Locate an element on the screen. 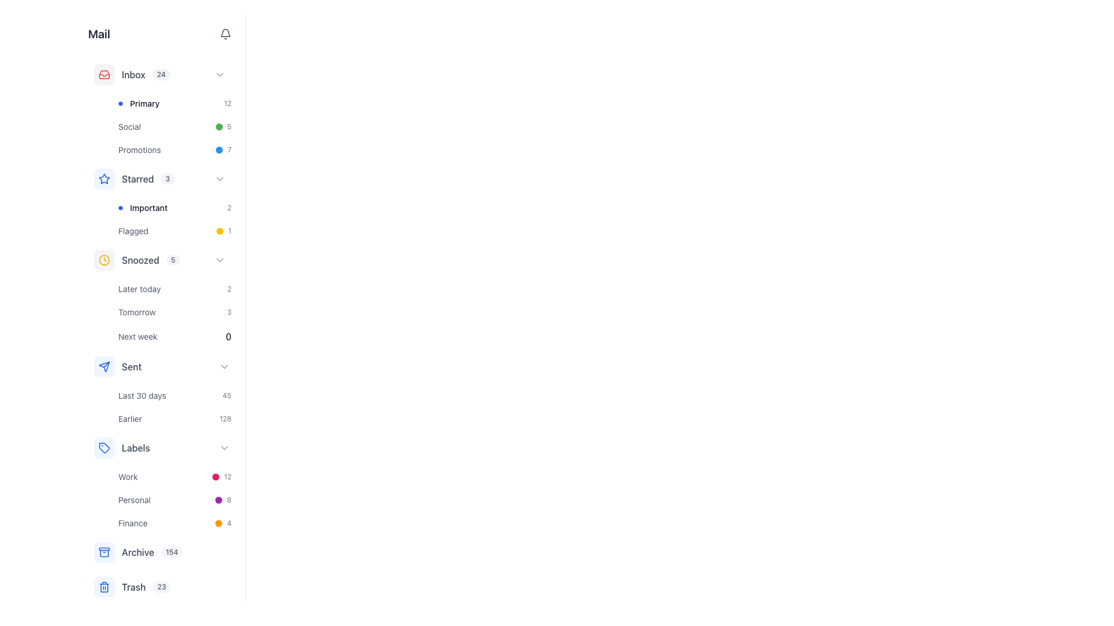 Image resolution: width=1114 pixels, height=626 pixels. the chevron on the 'Starred' menu item is located at coordinates (161, 179).